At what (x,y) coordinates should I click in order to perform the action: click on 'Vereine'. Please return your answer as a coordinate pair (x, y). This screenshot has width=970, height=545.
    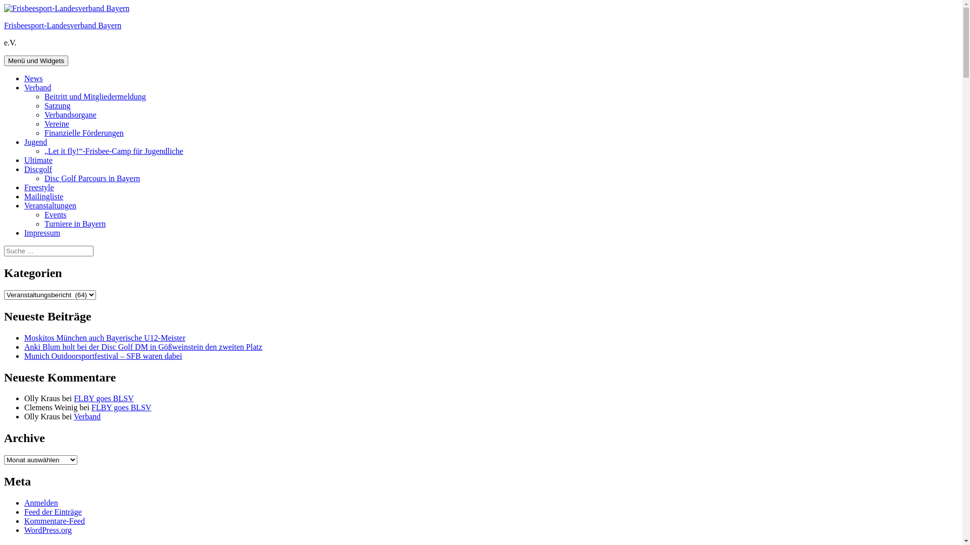
    Looking at the image, I should click on (56, 123).